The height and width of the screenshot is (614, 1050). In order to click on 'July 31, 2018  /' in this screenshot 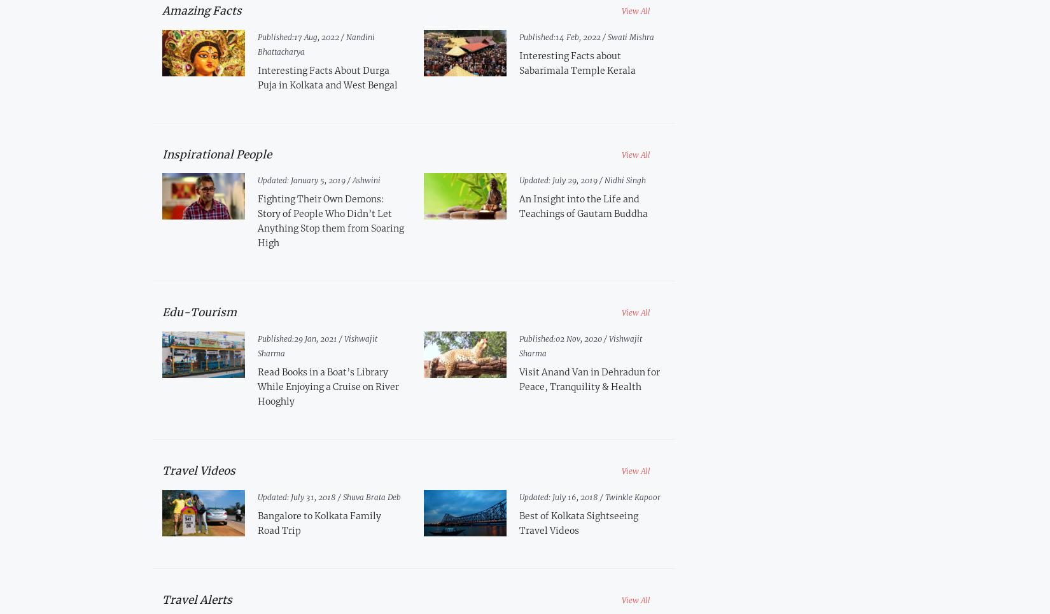, I will do `click(314, 496)`.